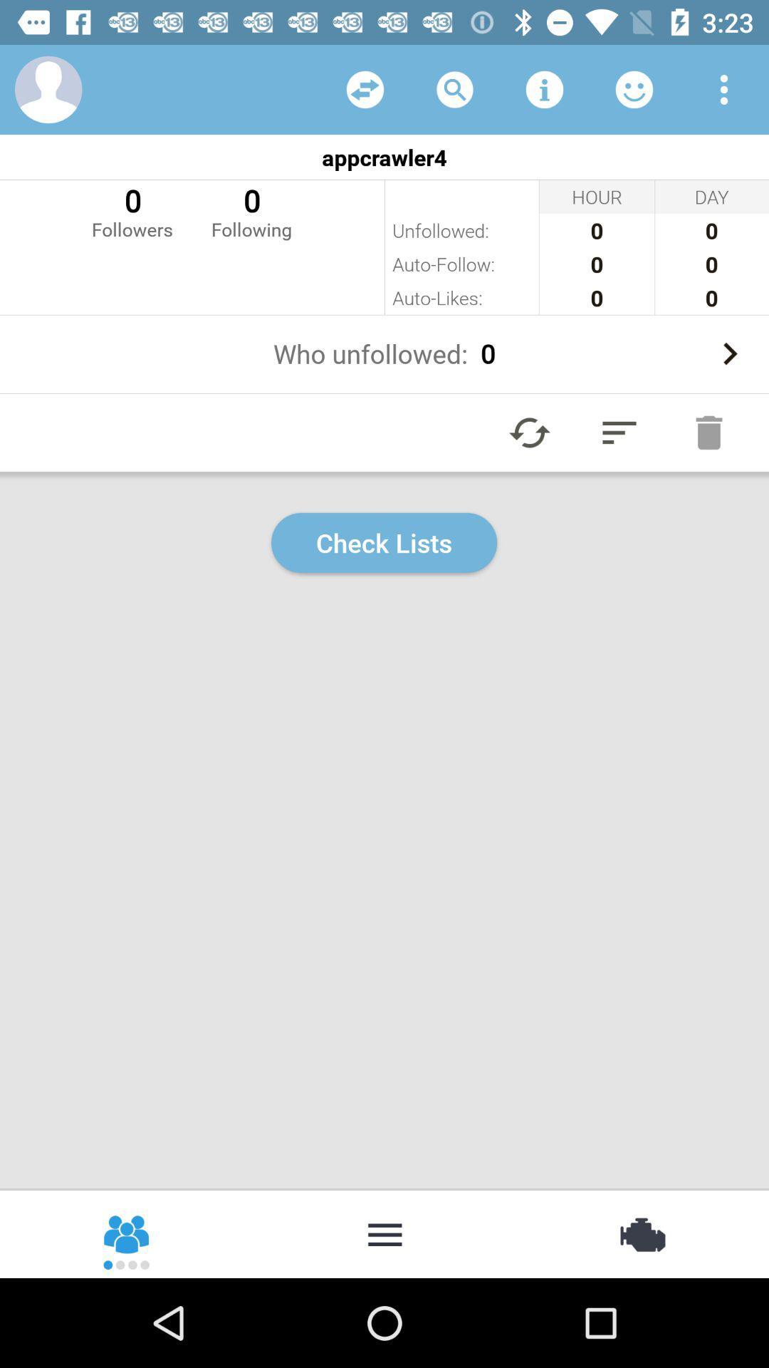  I want to click on the refresh icon, so click(530, 432).